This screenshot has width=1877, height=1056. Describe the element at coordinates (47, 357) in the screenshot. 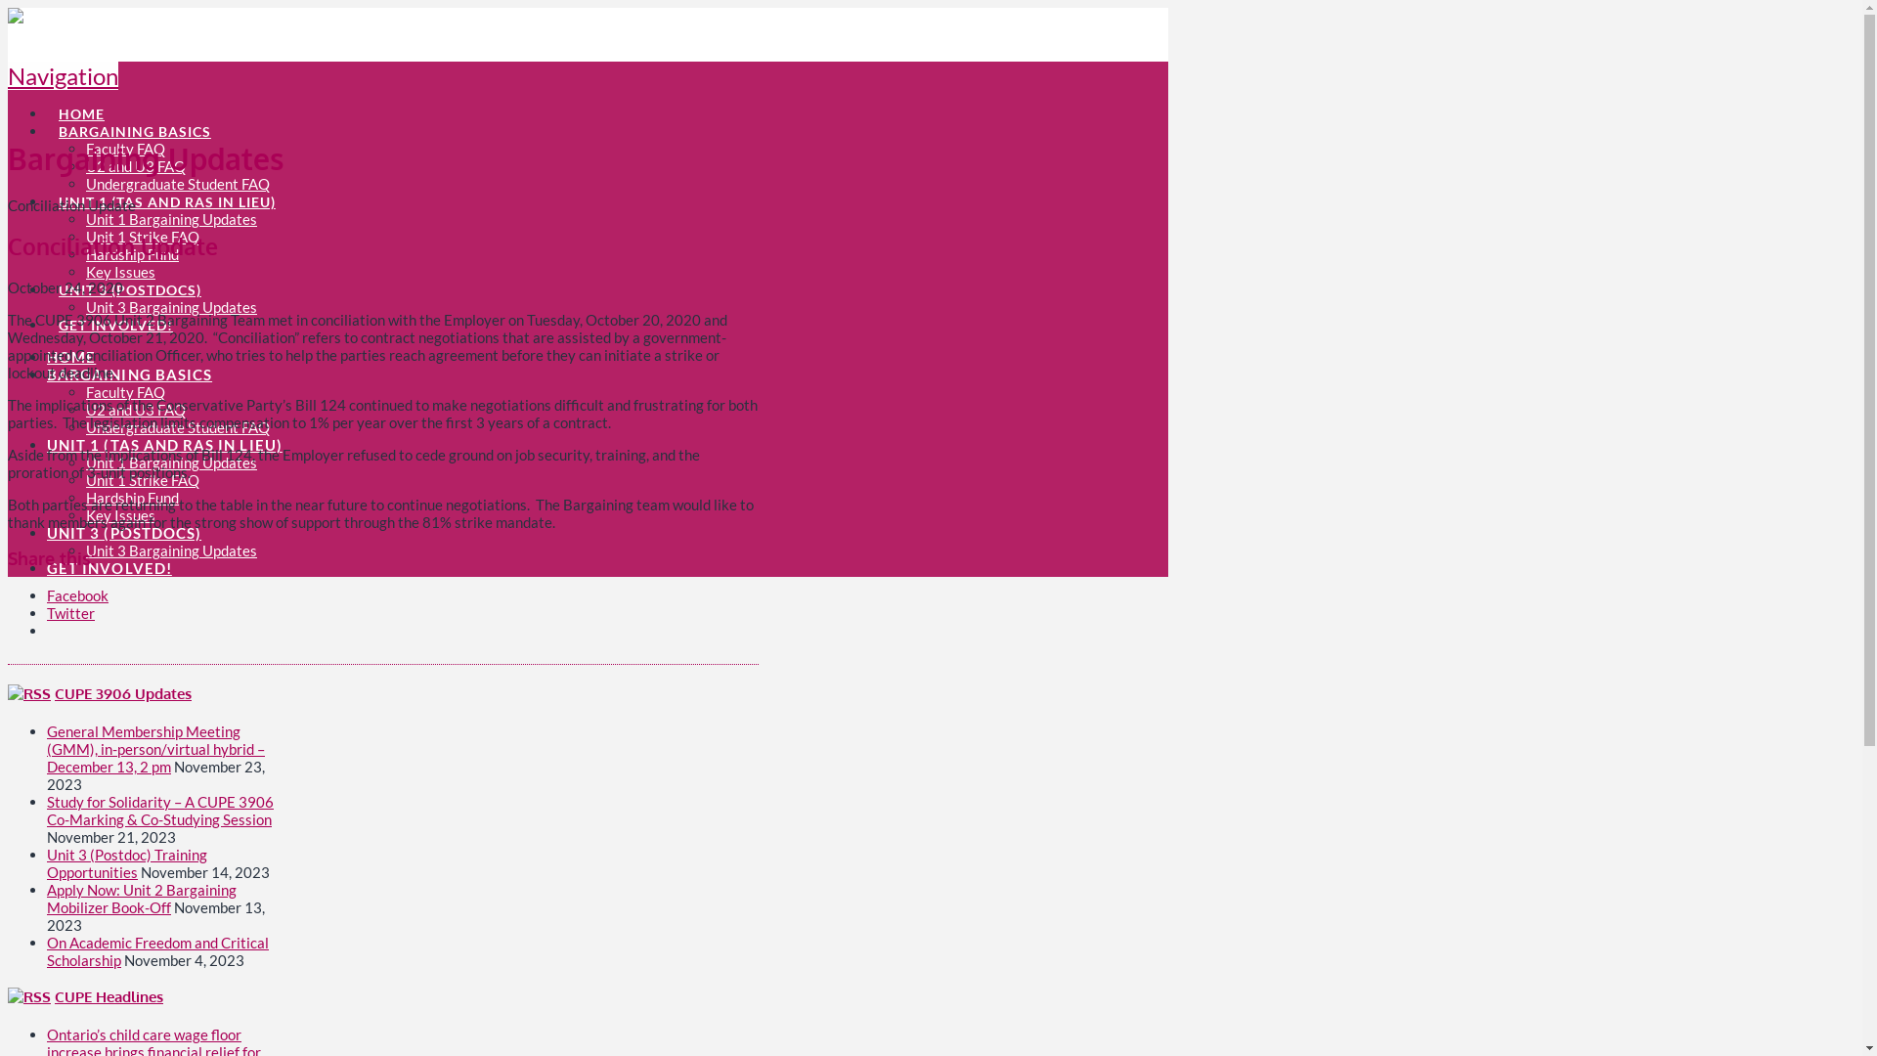

I see `'HOME'` at that location.